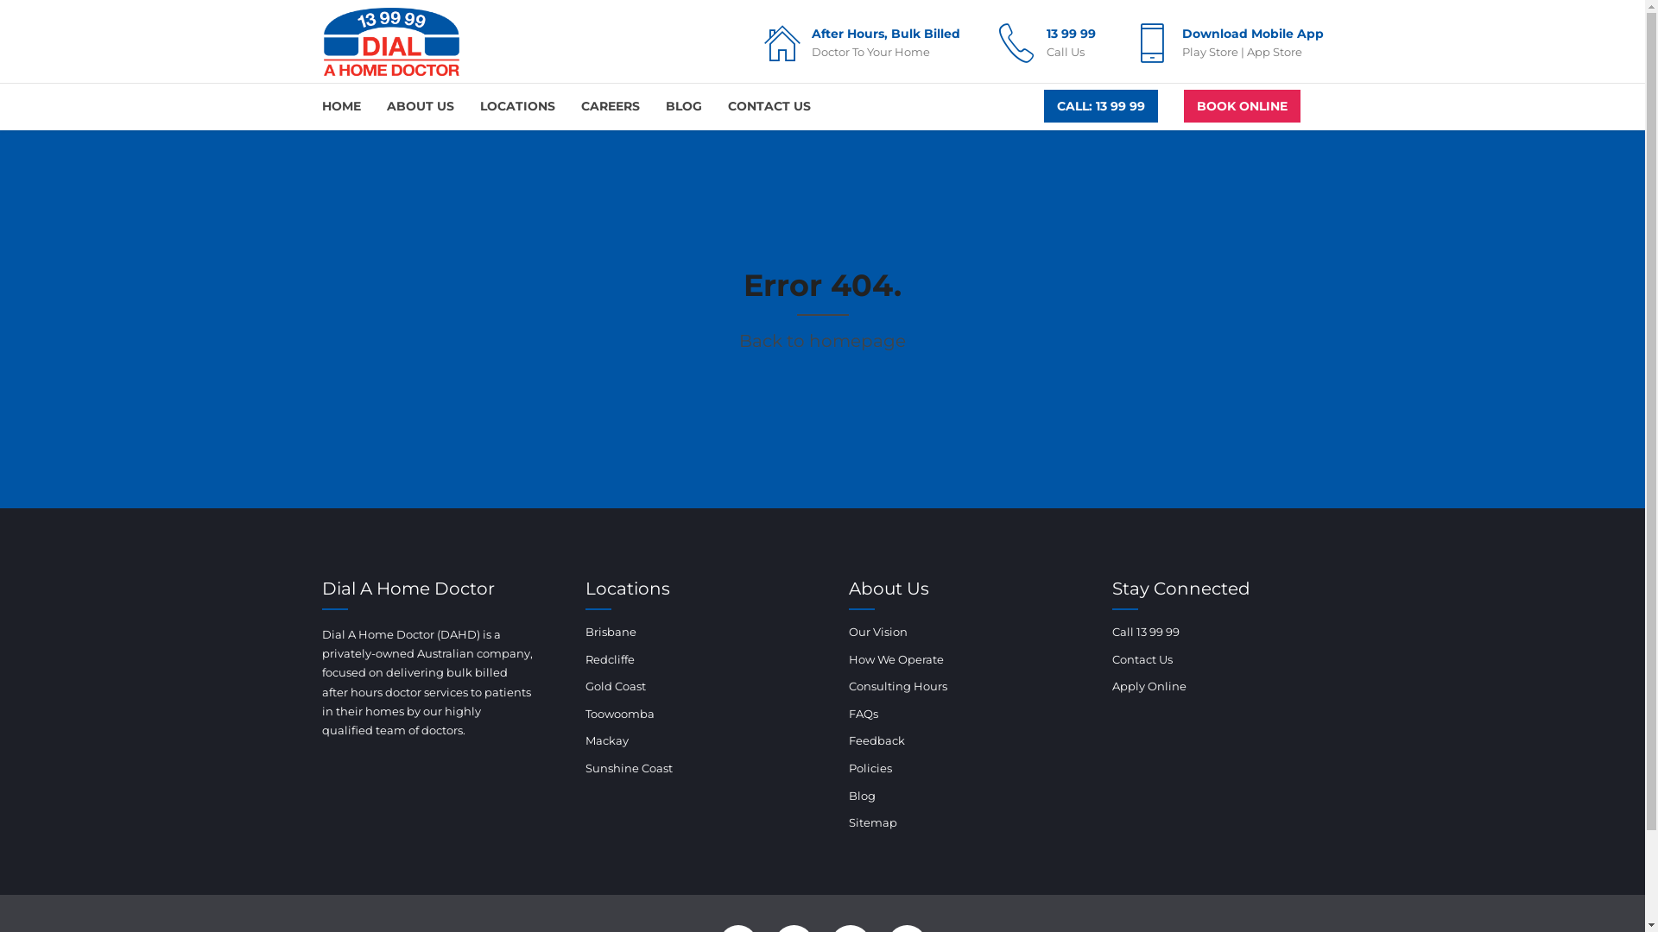 Image resolution: width=1658 pixels, height=932 pixels. I want to click on 'Consulting Hours', so click(896, 684).